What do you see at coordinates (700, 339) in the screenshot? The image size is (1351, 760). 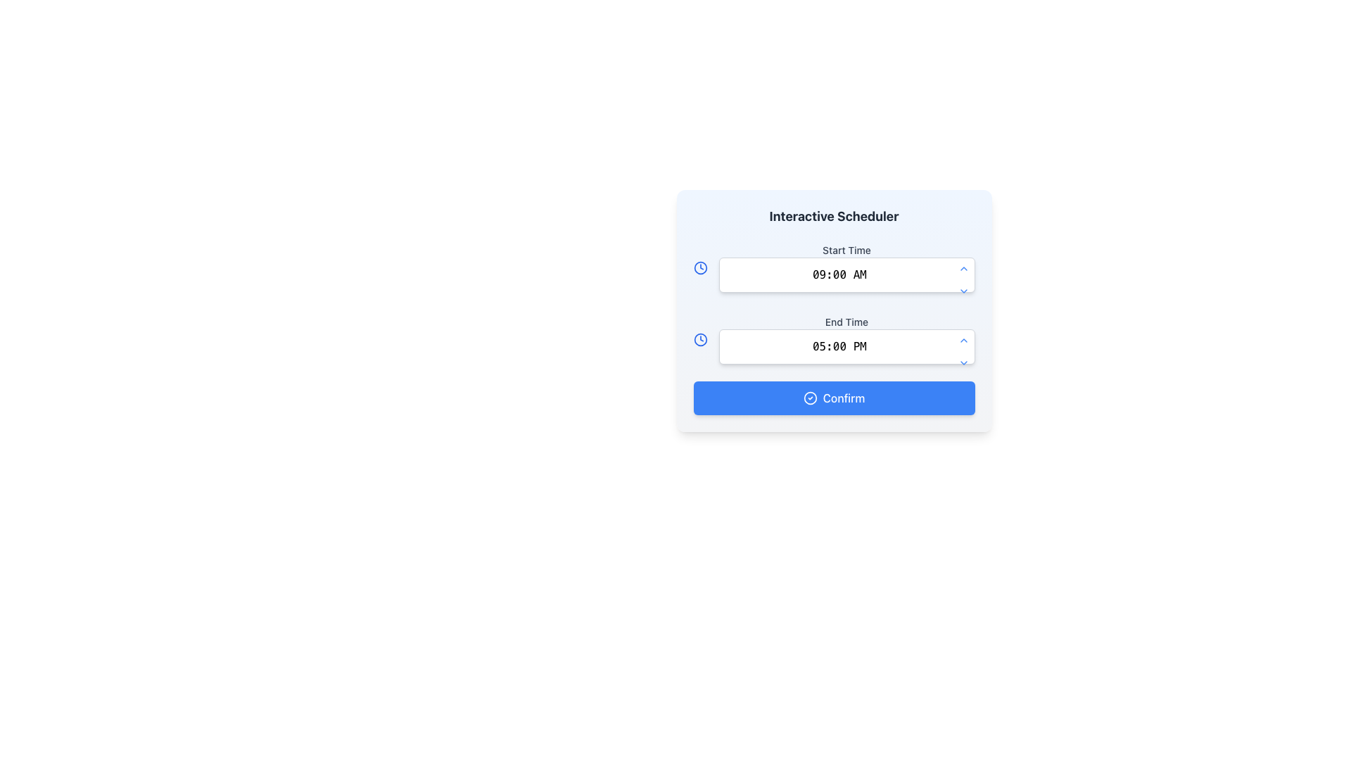 I see `the clock icon which serves as a visual indicator for the 'End Time' field, located to the left of the 'End Time' label and input field` at bounding box center [700, 339].